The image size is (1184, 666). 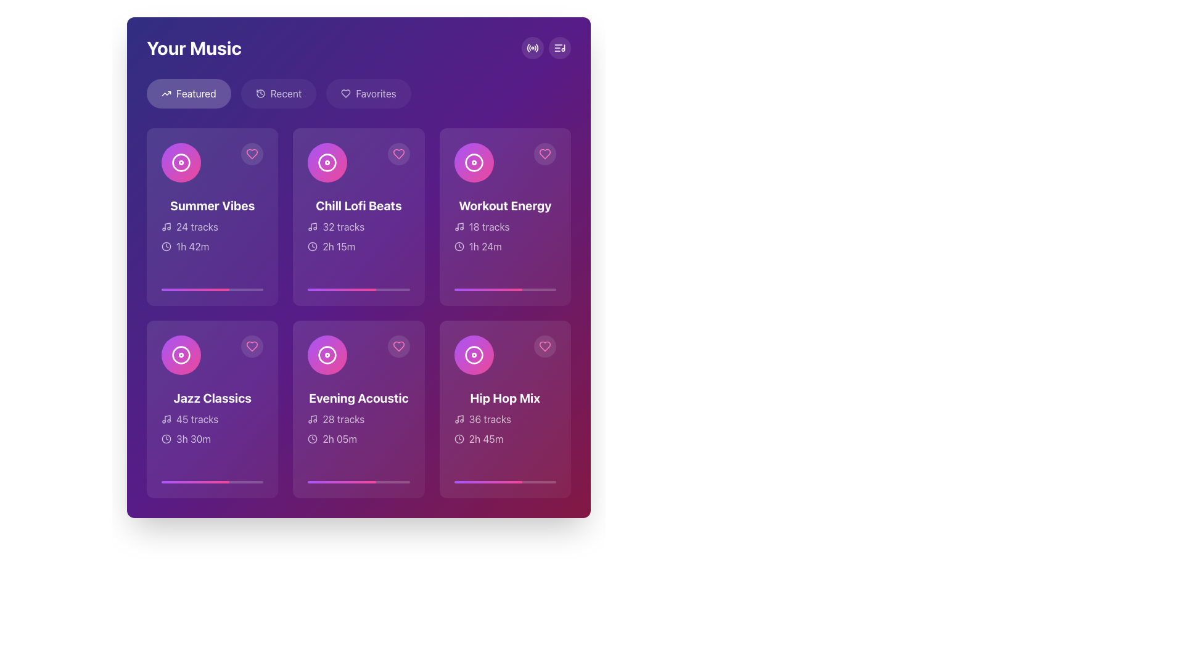 What do you see at coordinates (343, 226) in the screenshot?
I see `the Text Display indicating the number of tracks available in the 'Chill Lofi Beats' playlist, located beneath the card title and icon in the second column of the first row` at bounding box center [343, 226].